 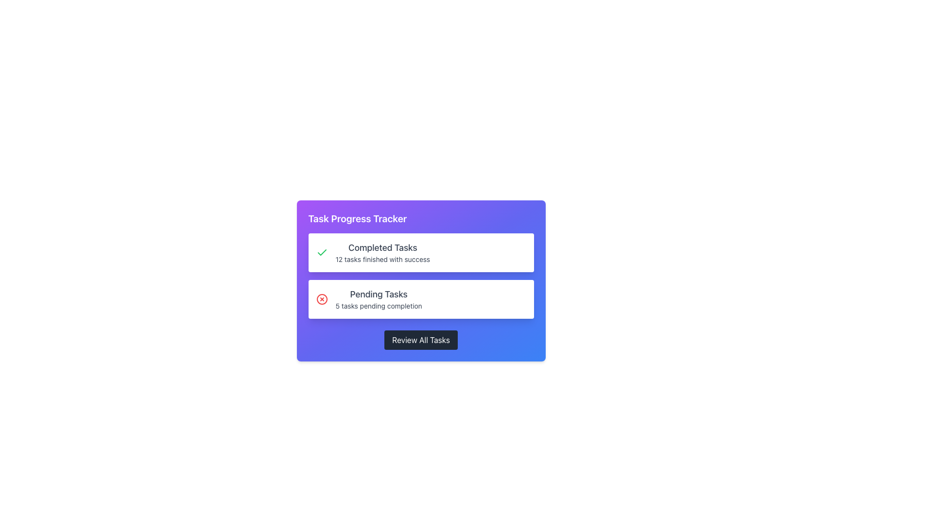 I want to click on the button with a dark gray background and white text that reads 'Review All Tasks', so click(x=421, y=340).